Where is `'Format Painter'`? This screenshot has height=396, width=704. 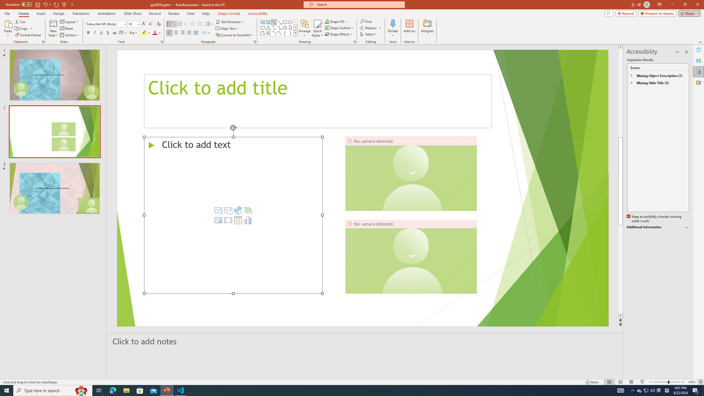
'Format Painter' is located at coordinates (28, 35).